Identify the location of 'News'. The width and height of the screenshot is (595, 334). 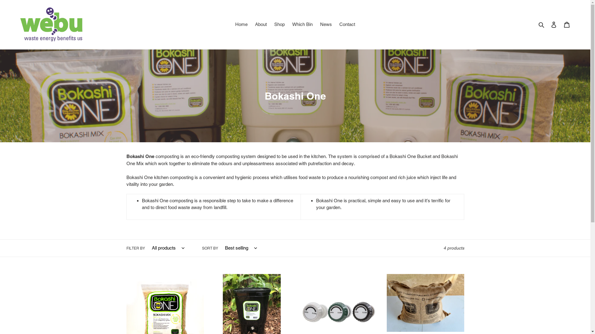
(317, 24).